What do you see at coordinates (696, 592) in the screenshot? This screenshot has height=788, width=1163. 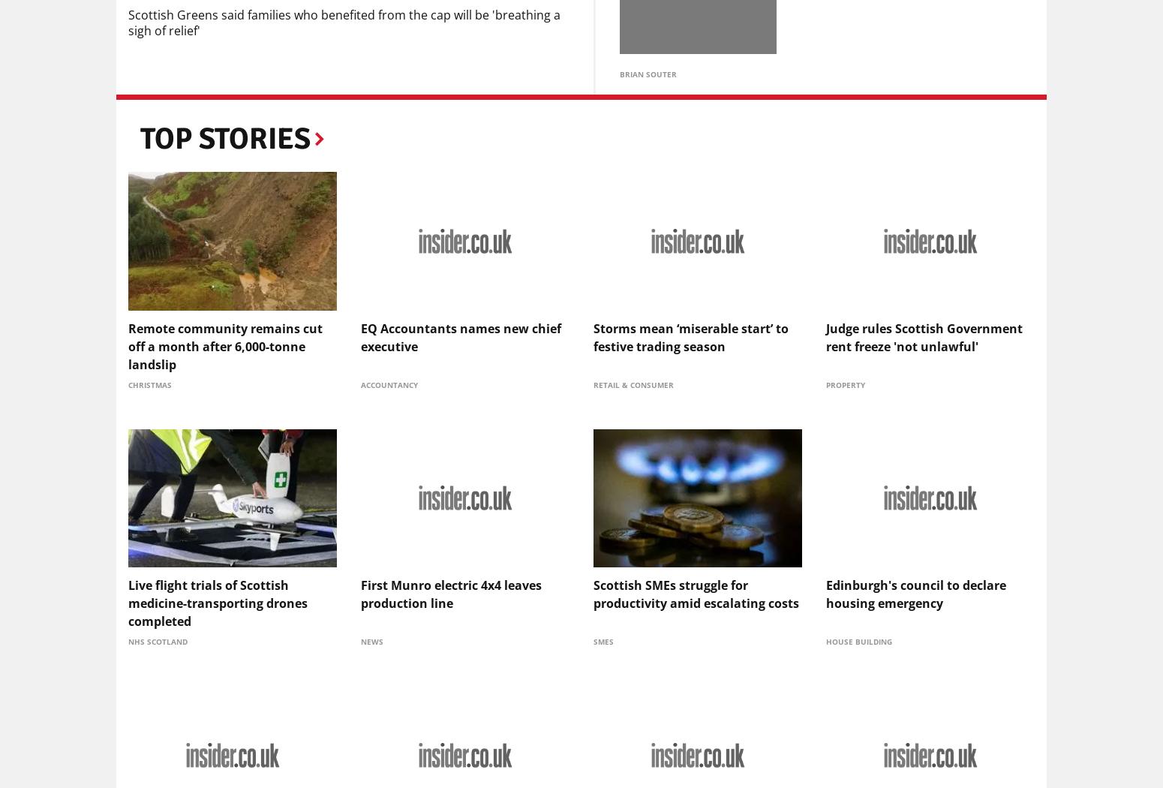 I see `'Scottish SMEs struggle for productivity amid escalating costs'` at bounding box center [696, 592].